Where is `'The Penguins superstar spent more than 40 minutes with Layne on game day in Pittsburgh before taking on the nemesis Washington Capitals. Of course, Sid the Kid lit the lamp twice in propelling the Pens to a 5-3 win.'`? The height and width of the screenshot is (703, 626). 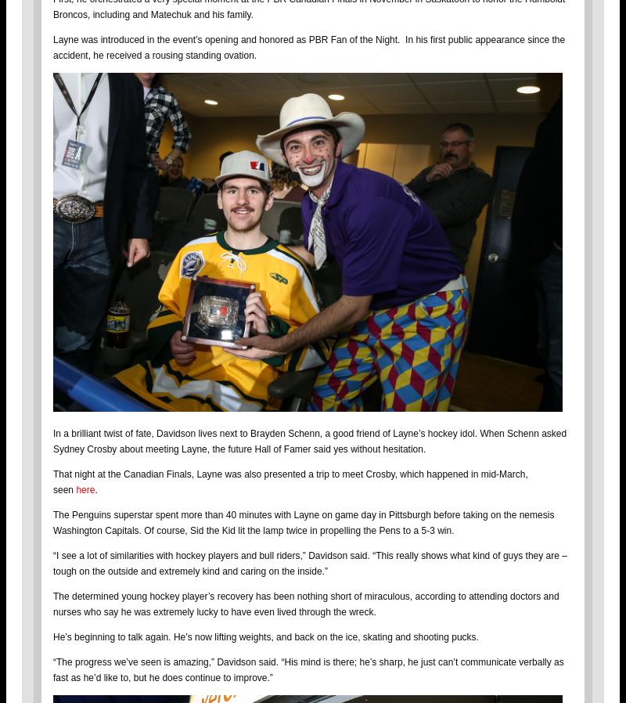
'The Penguins superstar spent more than 40 minutes with Layne on game day in Pittsburgh before taking on the nemesis Washington Capitals. Of course, Sid the Kid lit the lamp twice in propelling the Pens to a 5-3 win.' is located at coordinates (303, 521).